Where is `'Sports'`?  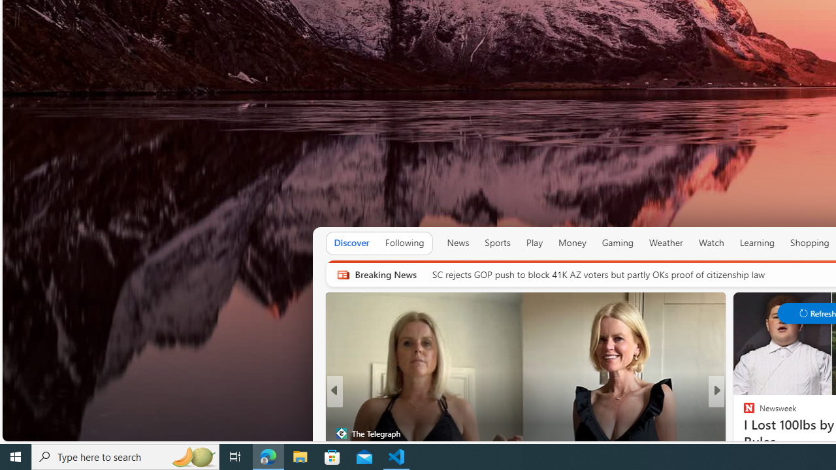 'Sports' is located at coordinates (496, 242).